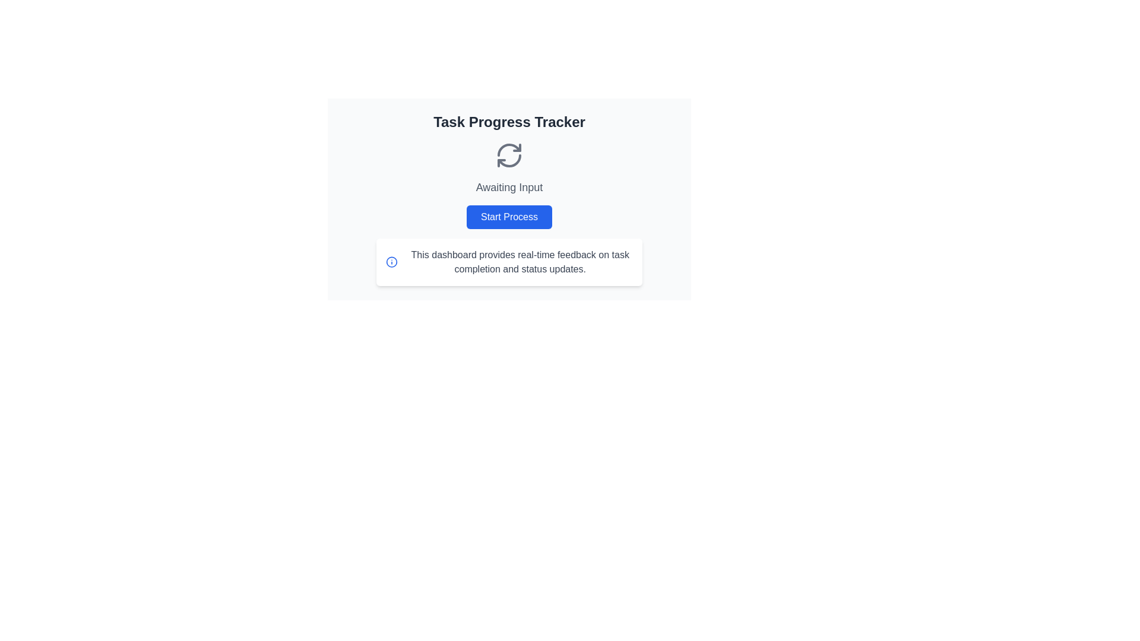 This screenshot has width=1140, height=641. I want to click on the status indicator text label displaying 'Awaiting Input', which is located below the 'Task Progress Tracker' header and above the 'Start Process' button, so click(509, 187).